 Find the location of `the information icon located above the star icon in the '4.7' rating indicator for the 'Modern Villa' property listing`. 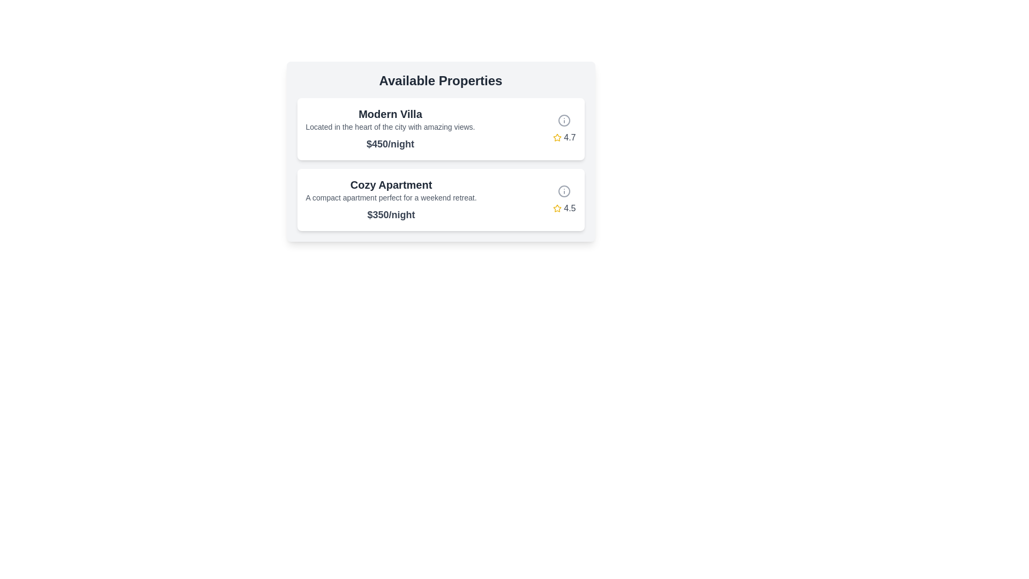

the information icon located above the star icon in the '4.7' rating indicator for the 'Modern Villa' property listing is located at coordinates (564, 120).